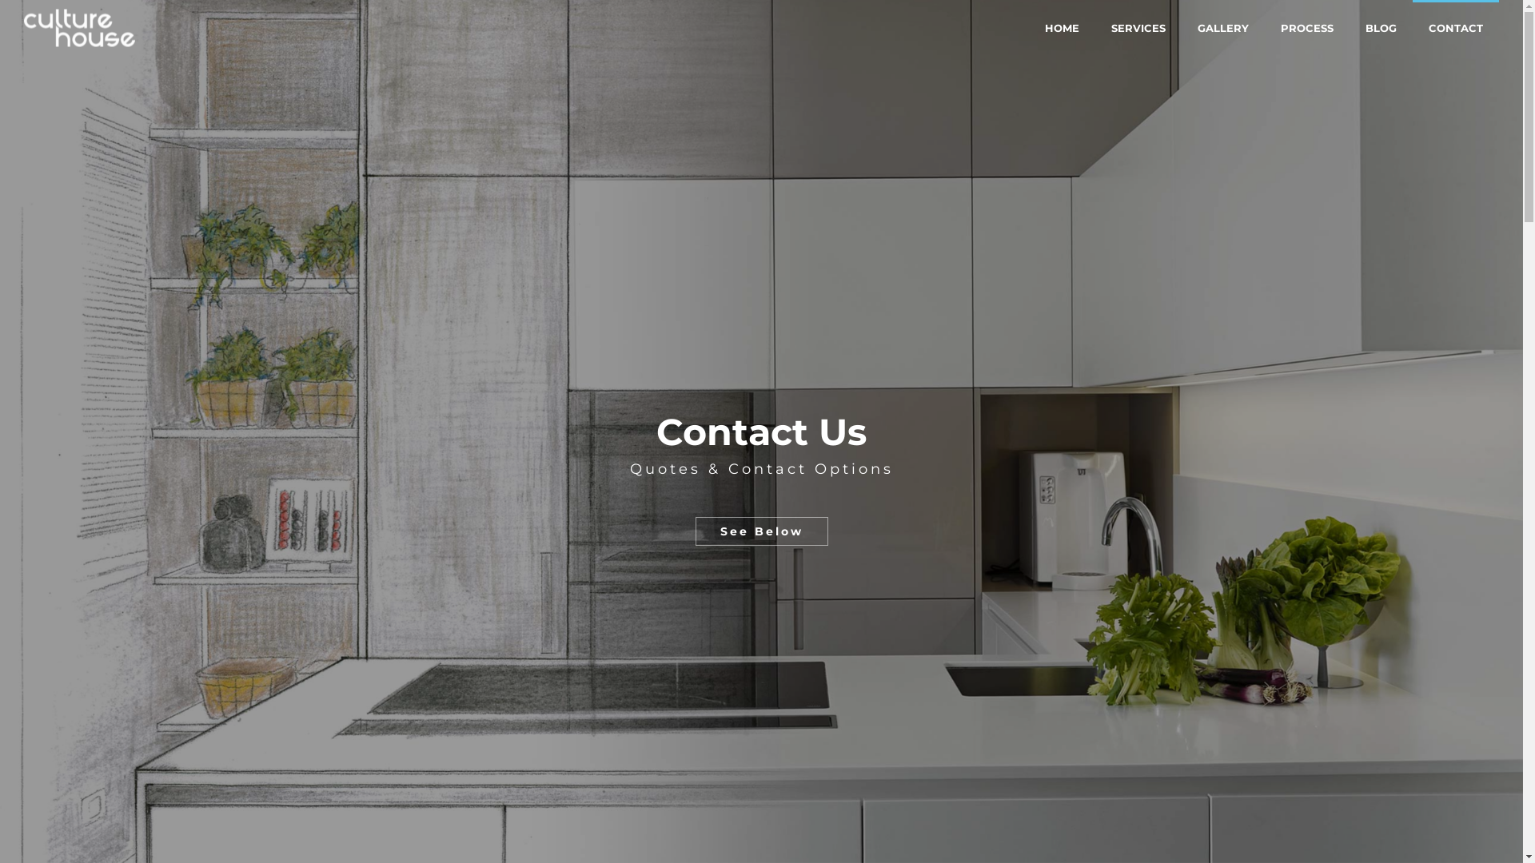 The width and height of the screenshot is (1535, 863). What do you see at coordinates (1380, 27) in the screenshot?
I see `'BLOG'` at bounding box center [1380, 27].